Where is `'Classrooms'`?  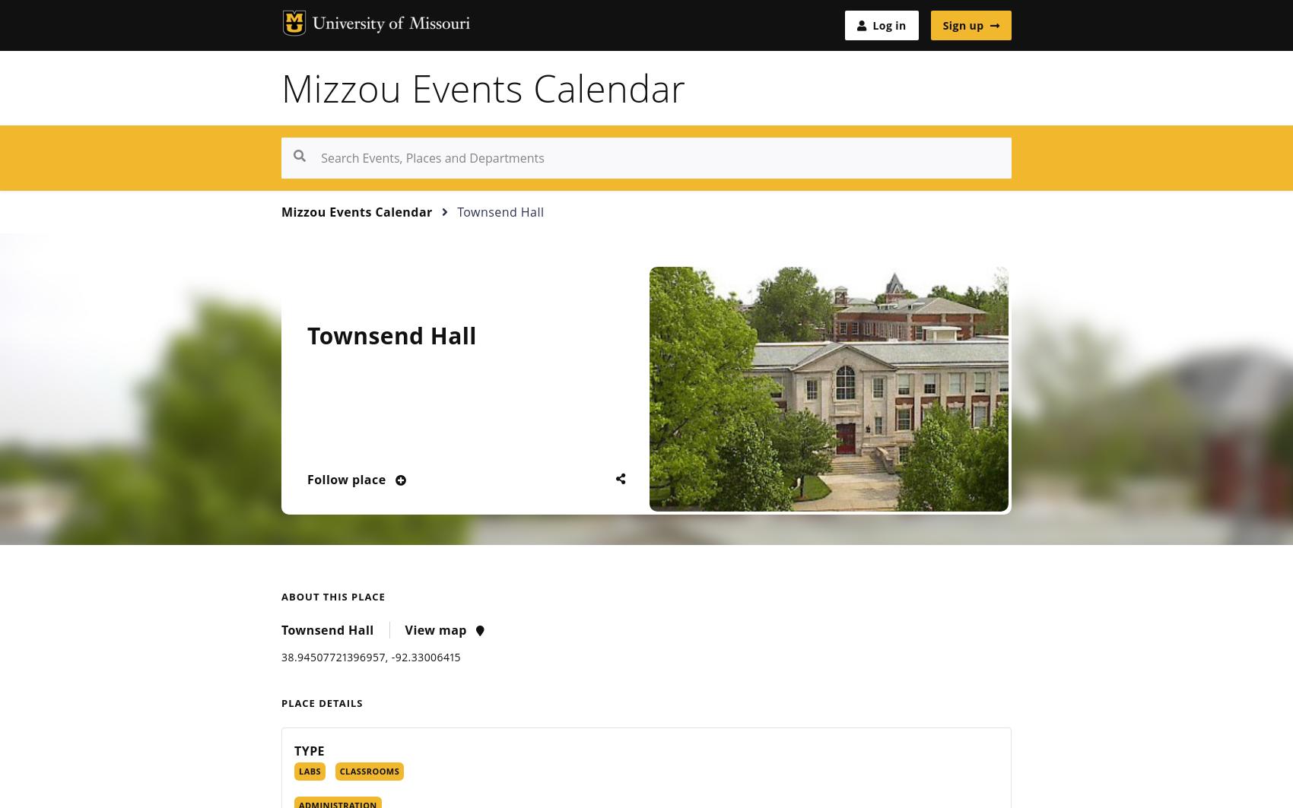 'Classrooms' is located at coordinates (369, 769).